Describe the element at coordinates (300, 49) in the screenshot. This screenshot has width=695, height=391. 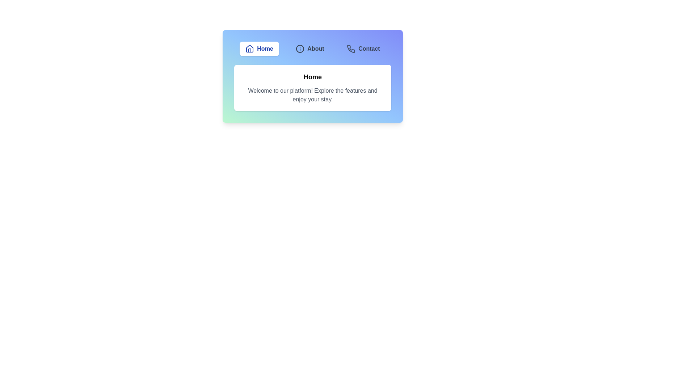
I see `the icon of the About tab` at that location.